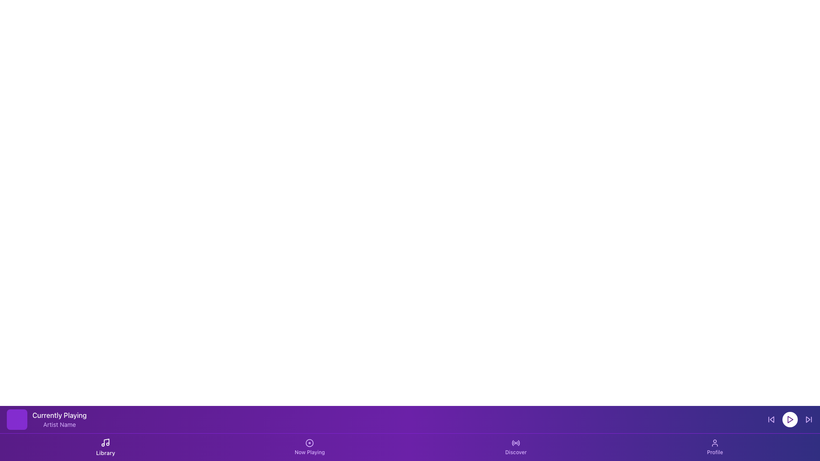 This screenshot has width=820, height=461. I want to click on the small purple icon with a forward arrow symbol located on the far right of the bottom navigation bar, so click(808, 419).